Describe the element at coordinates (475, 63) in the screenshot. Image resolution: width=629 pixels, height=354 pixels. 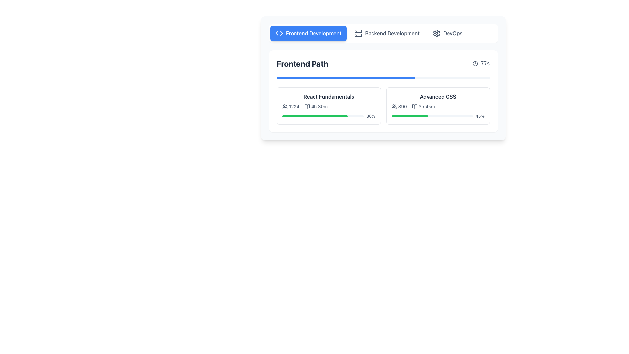
I see `any visual feedback on the circular graphical feature that represents the clock icon, located at the top right corner of the interface` at that location.